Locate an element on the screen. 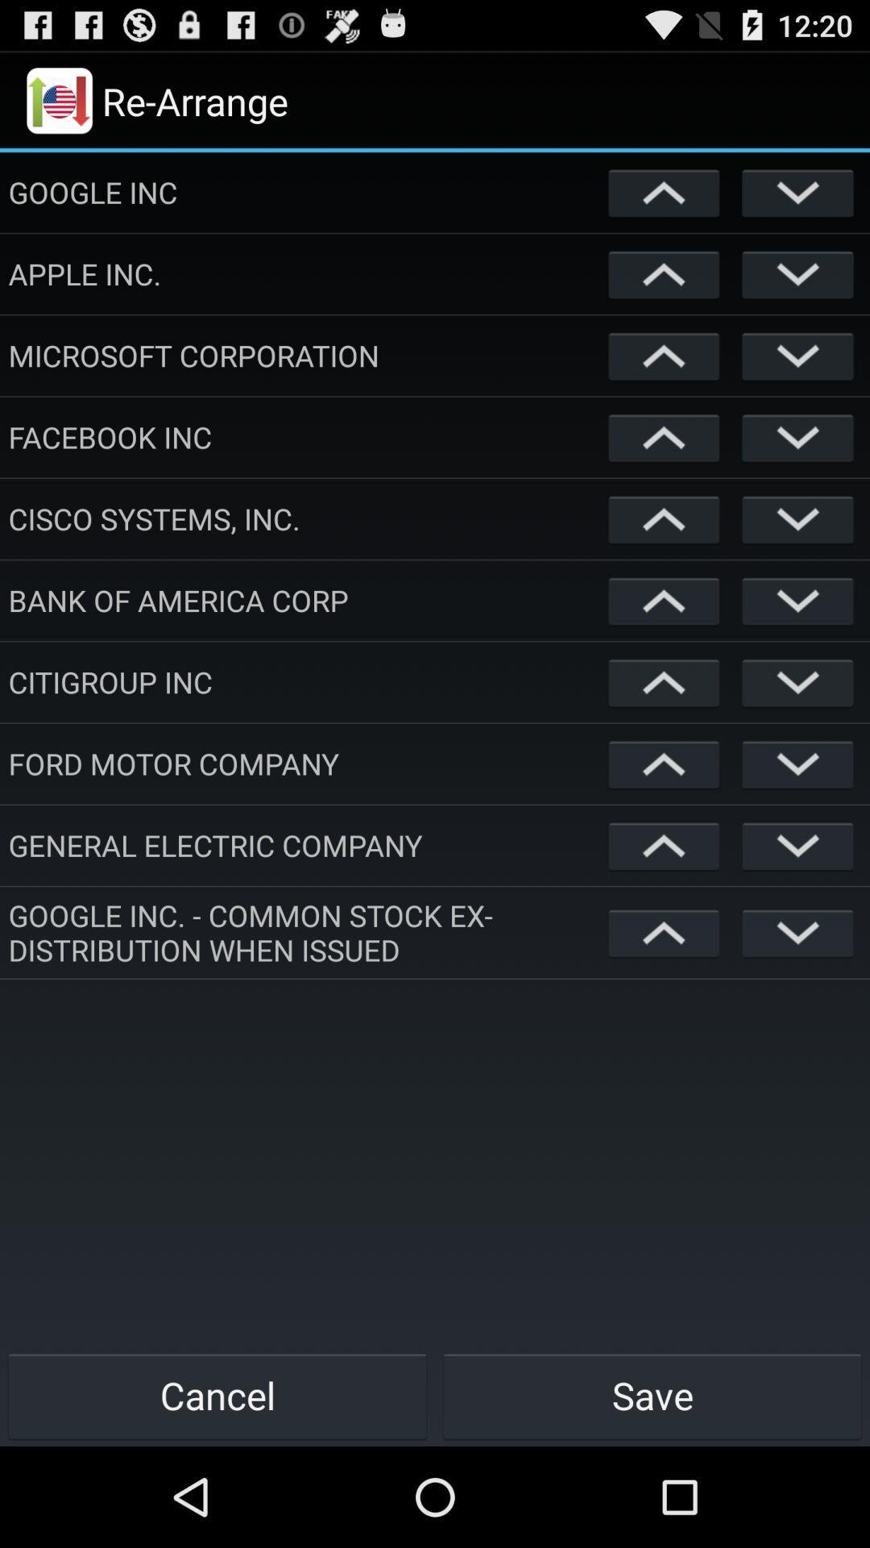 Image resolution: width=870 pixels, height=1548 pixels. the general electric company app is located at coordinates (304, 844).